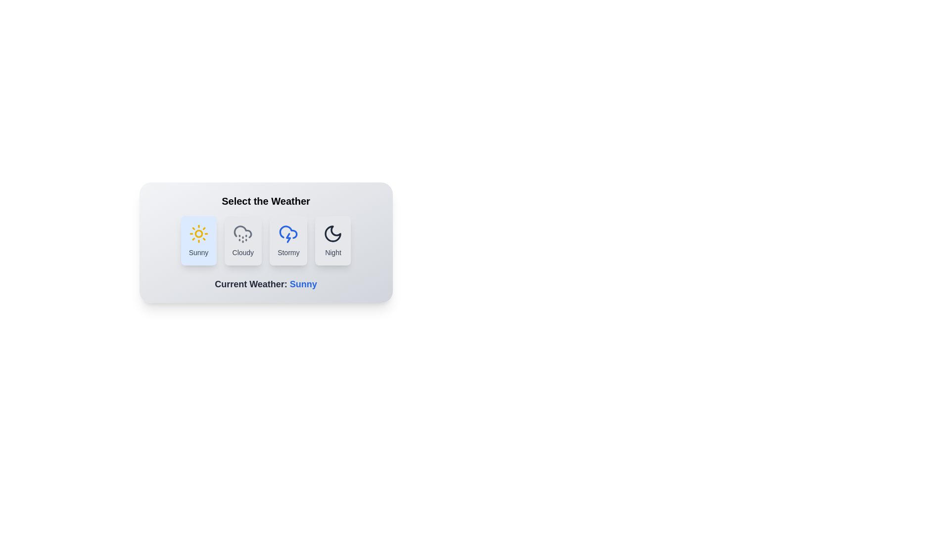  Describe the element at coordinates (266, 201) in the screenshot. I see `the header text 'Select the Weather' for copying` at that location.